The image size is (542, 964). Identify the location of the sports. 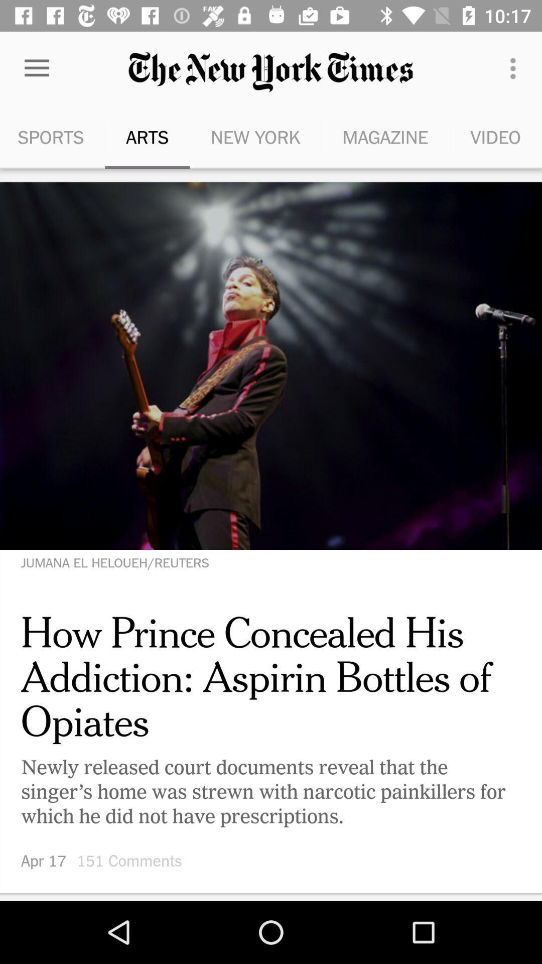
(52, 137).